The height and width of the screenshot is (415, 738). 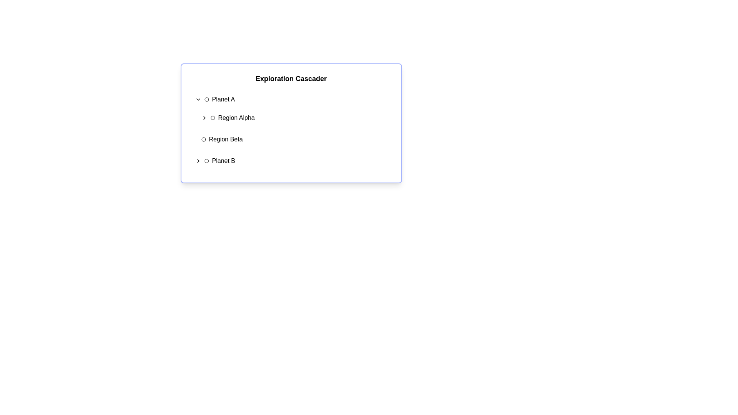 What do you see at coordinates (223, 99) in the screenshot?
I see `the text label 'Planet A' which is the first row in the 'Exploration Cascader' menu` at bounding box center [223, 99].